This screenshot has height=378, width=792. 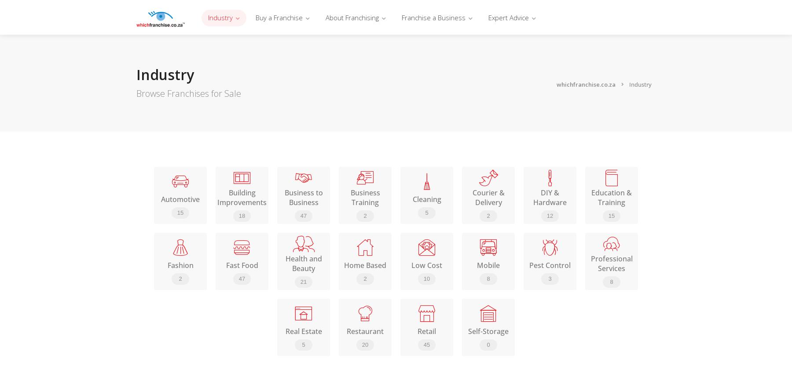 What do you see at coordinates (362, 64) in the screenshot?
I see `'Become a Franchisee'` at bounding box center [362, 64].